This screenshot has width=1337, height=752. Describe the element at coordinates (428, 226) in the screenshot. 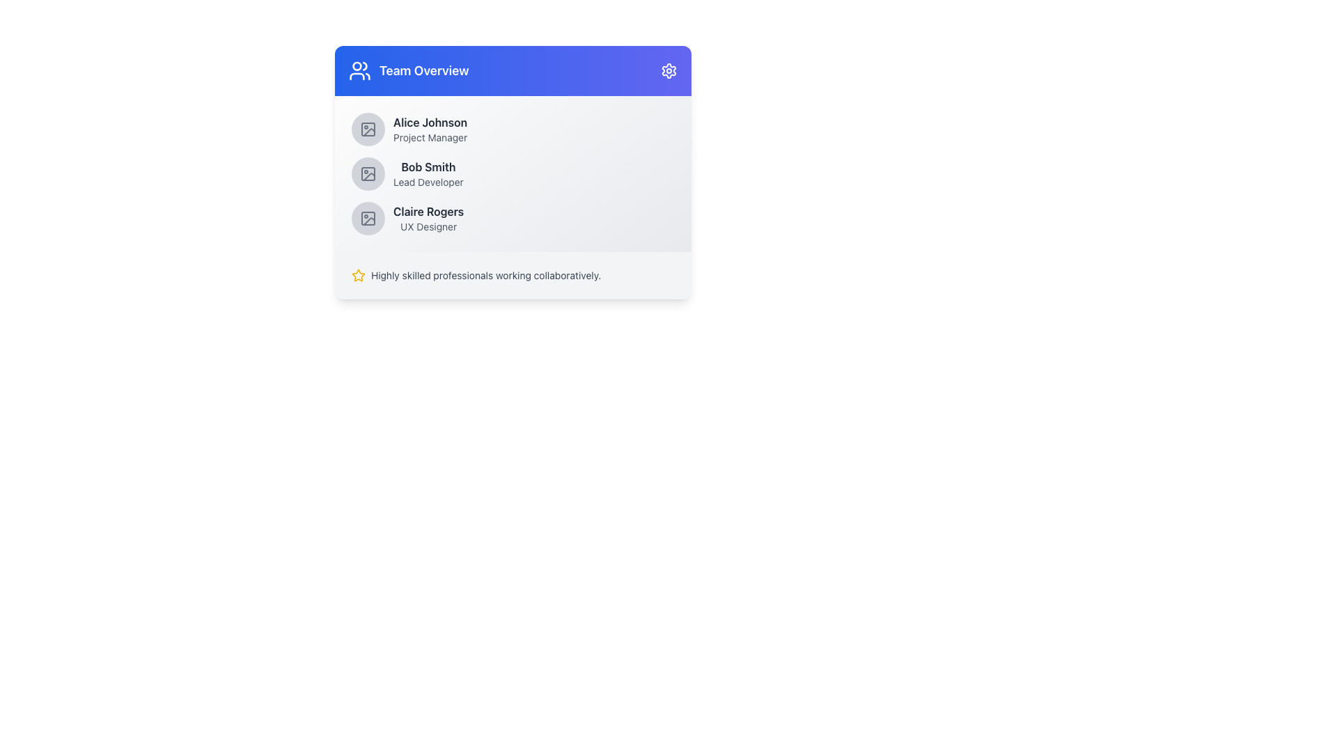

I see `the static text label displaying the job title 'UX Designer' located below the 'Claire Rogers' label in the Team Overview list` at that location.